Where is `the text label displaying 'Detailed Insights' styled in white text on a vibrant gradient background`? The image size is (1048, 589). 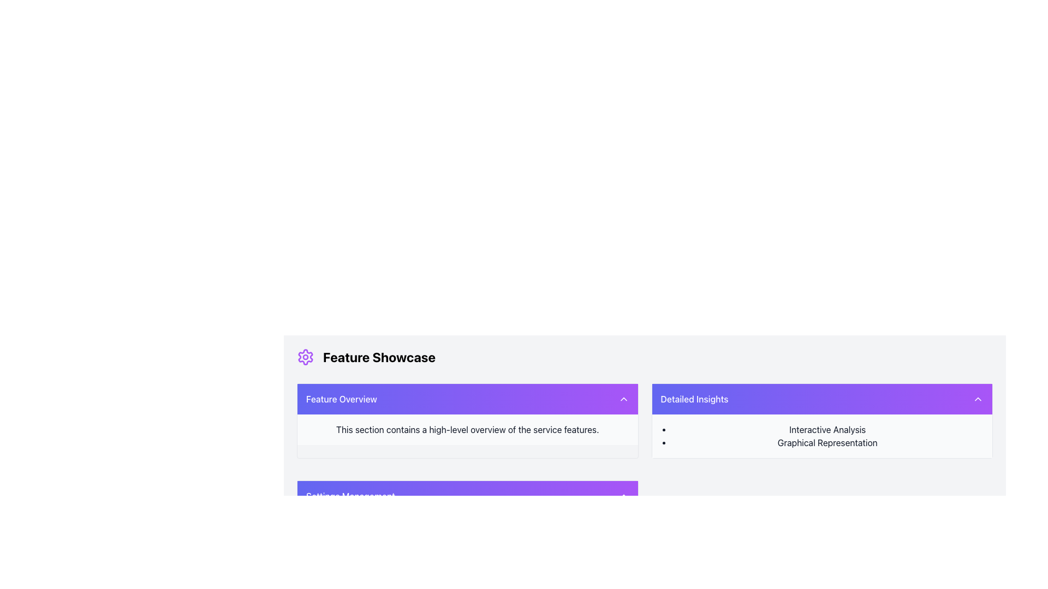 the text label displaying 'Detailed Insights' styled in white text on a vibrant gradient background is located at coordinates (694, 399).